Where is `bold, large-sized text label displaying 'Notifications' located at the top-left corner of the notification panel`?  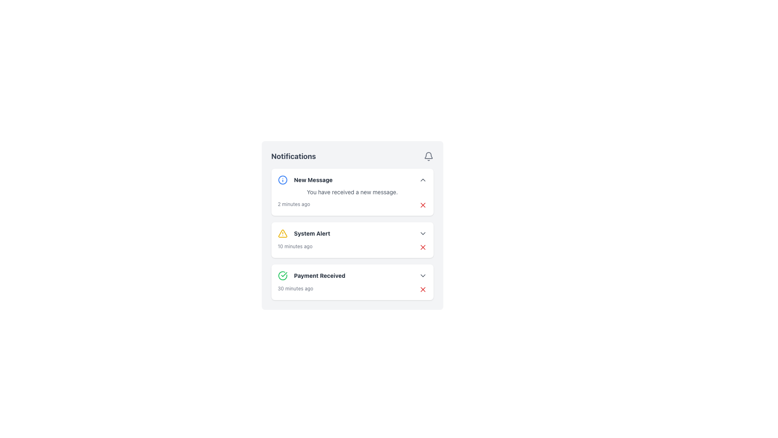 bold, large-sized text label displaying 'Notifications' located at the top-left corner of the notification panel is located at coordinates (293, 156).